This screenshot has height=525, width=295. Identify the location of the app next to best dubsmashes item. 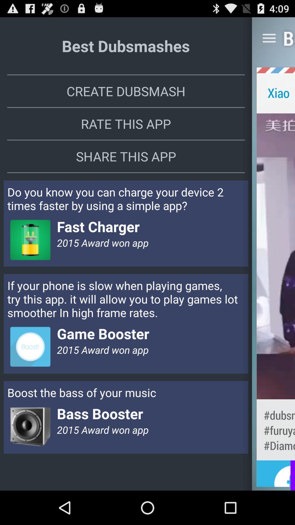
(269, 38).